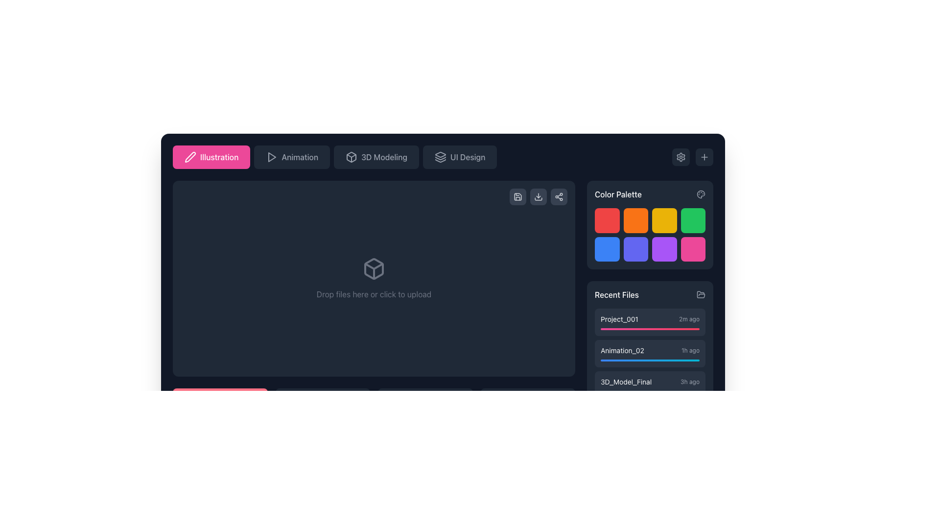  Describe the element at coordinates (692, 248) in the screenshot. I see `the pink button with rounded corners located in the bottom-right corner of the 'Color Palette' sidebar to activate the hover effect` at that location.